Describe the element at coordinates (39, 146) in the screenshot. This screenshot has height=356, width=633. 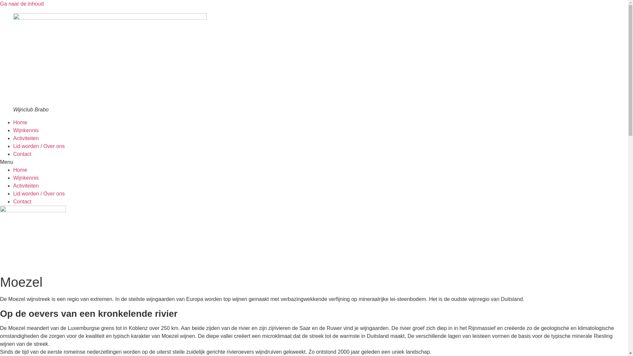
I see `'Lid worden / Over ons'` at that location.